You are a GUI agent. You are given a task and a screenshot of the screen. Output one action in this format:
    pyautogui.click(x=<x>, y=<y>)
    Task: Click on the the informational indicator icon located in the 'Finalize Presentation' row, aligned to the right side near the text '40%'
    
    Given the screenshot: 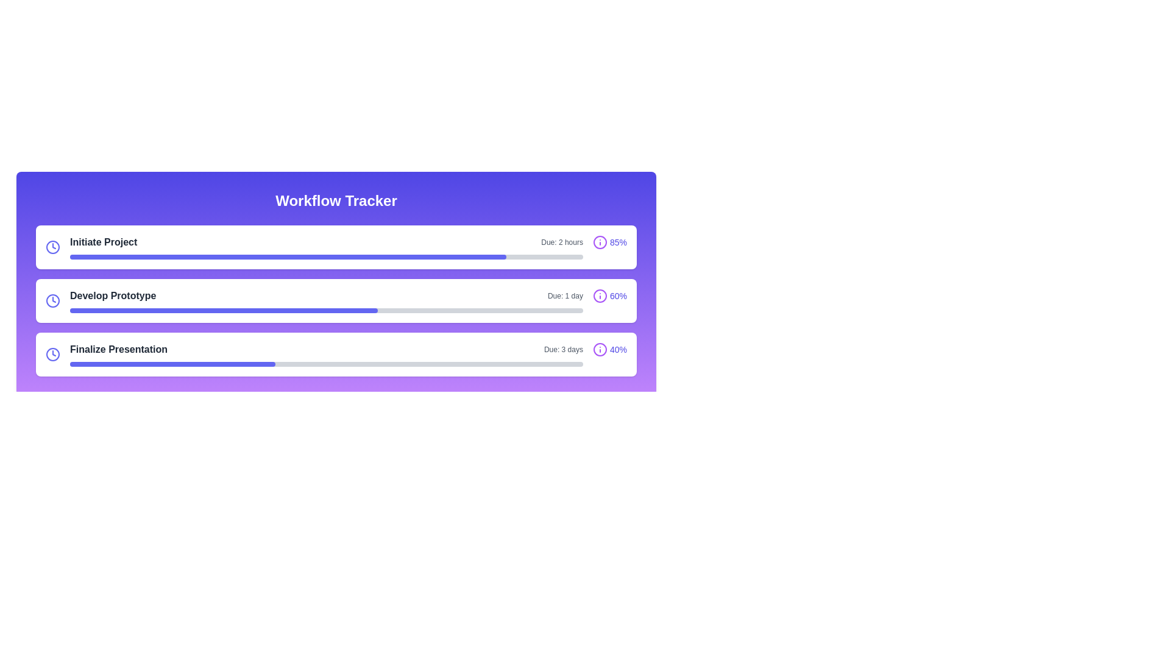 What is the action you would take?
    pyautogui.click(x=600, y=350)
    